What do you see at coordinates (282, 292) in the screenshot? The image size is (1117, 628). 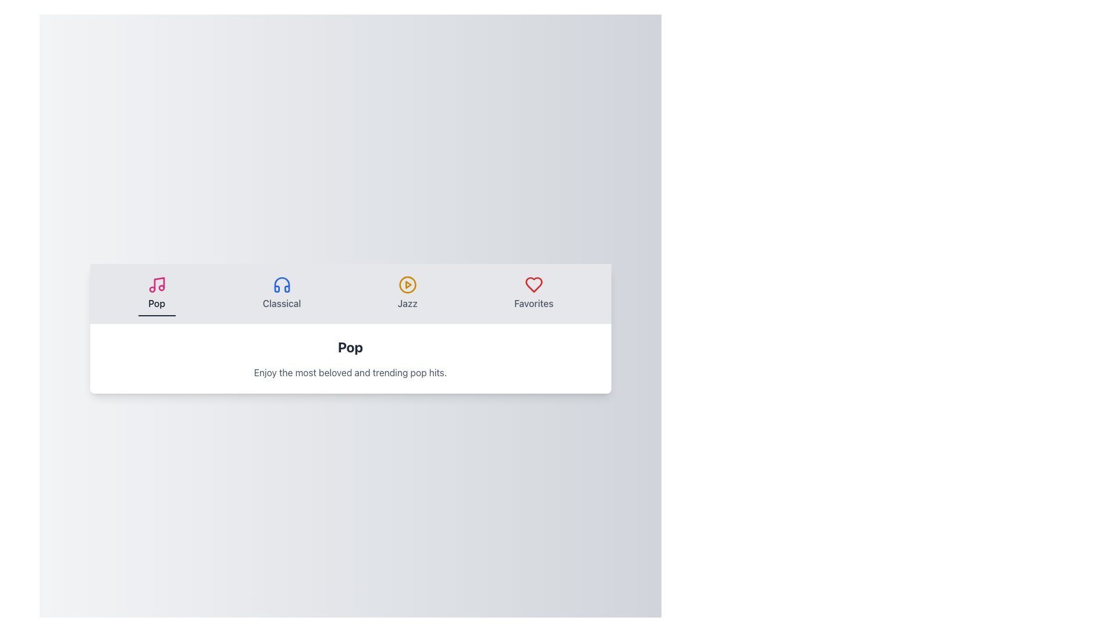 I see `the 'Classical' button located in the navigation bar` at bounding box center [282, 292].